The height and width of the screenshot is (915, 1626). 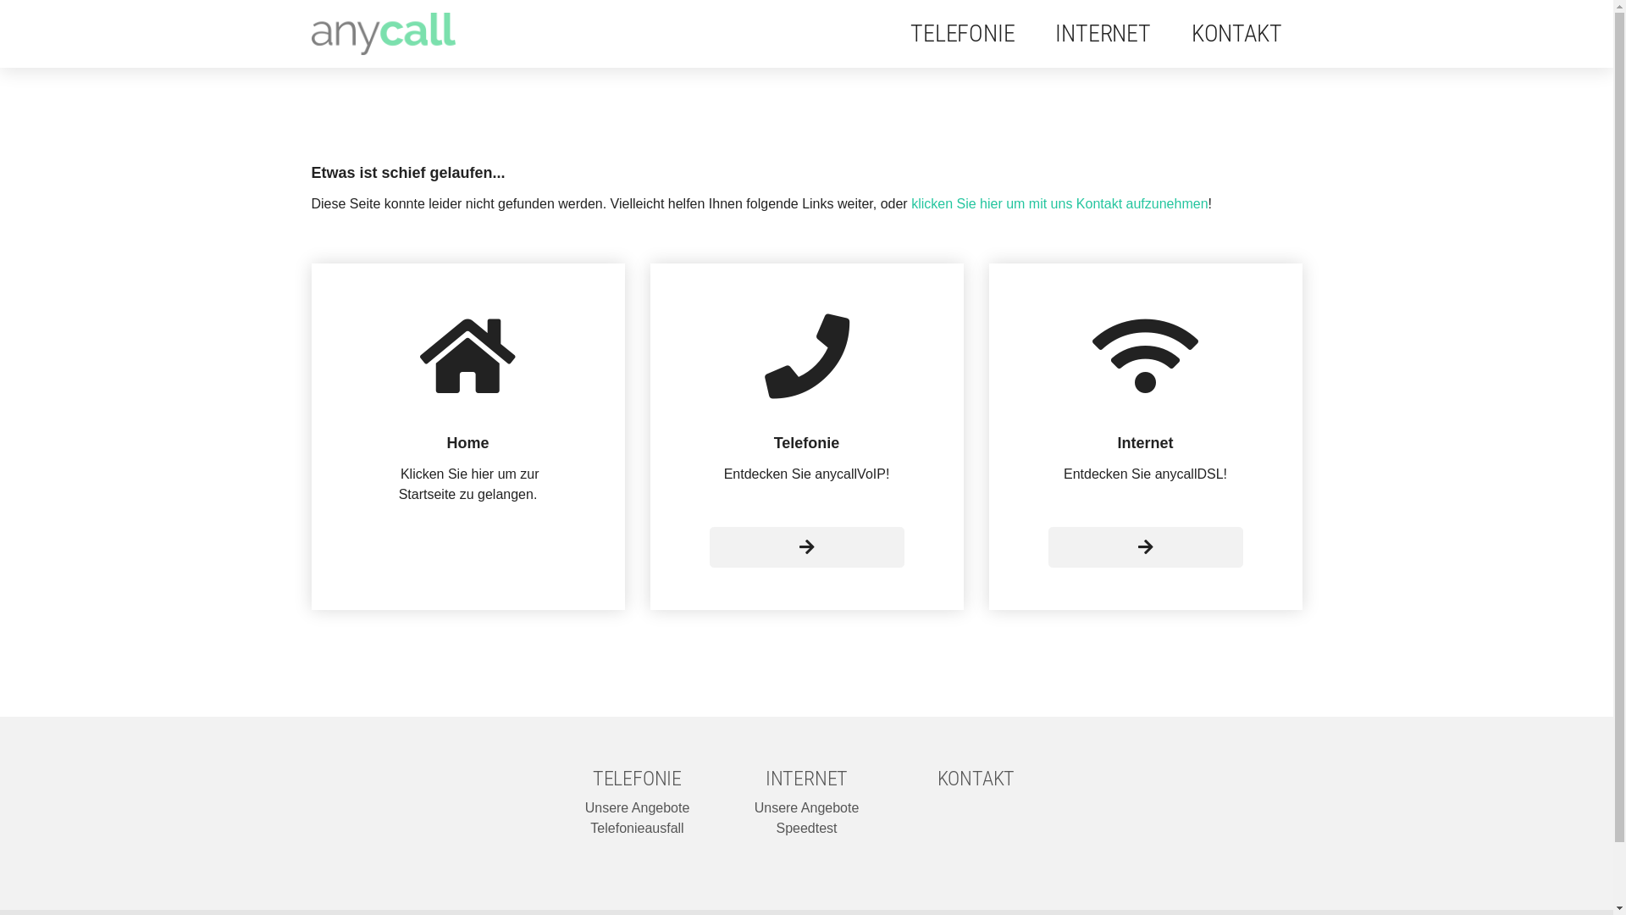 I want to click on 'Speedtest', so click(x=805, y=827).